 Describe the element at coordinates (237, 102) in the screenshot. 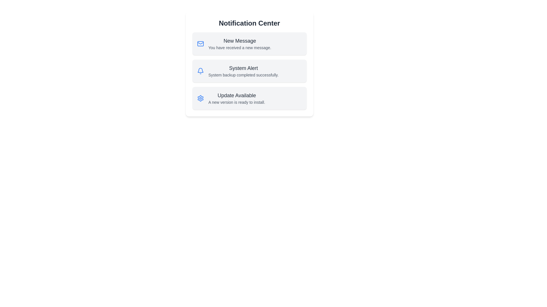

I see `the text element that reads 'A new version is ready to install.' which is styled in a small gray font and is located beneath the title 'Update Available' in the Notification Center` at that location.